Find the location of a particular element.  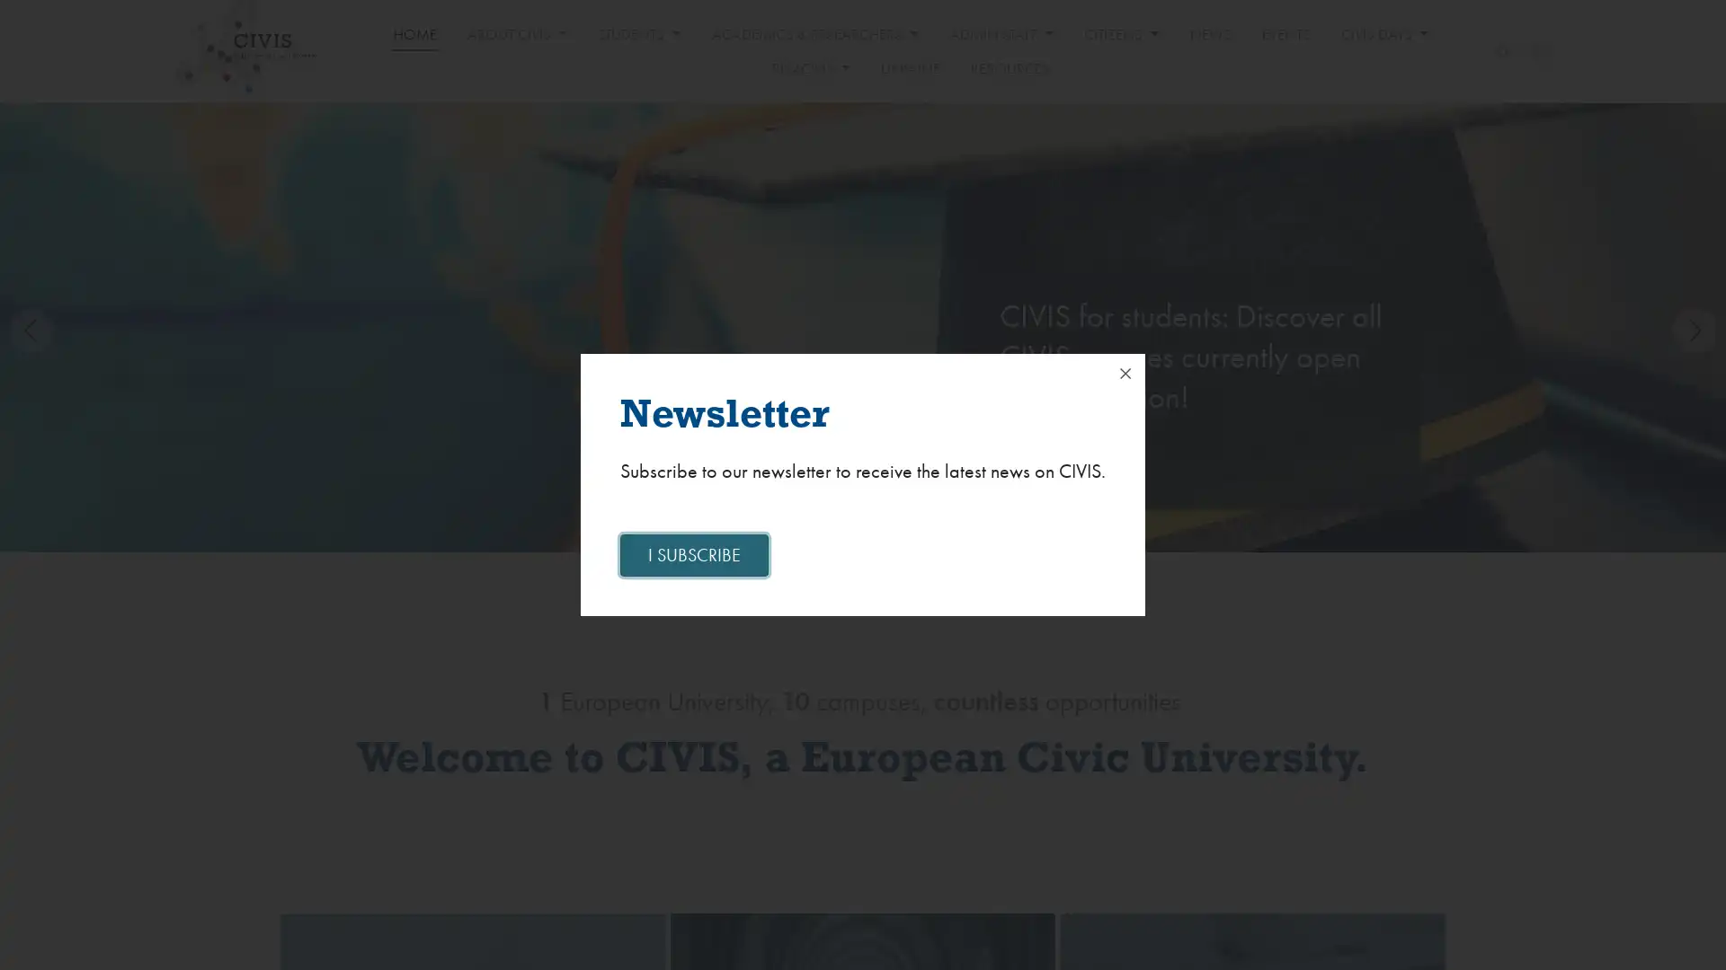

Go to slide 2 is located at coordinates (863, 570).